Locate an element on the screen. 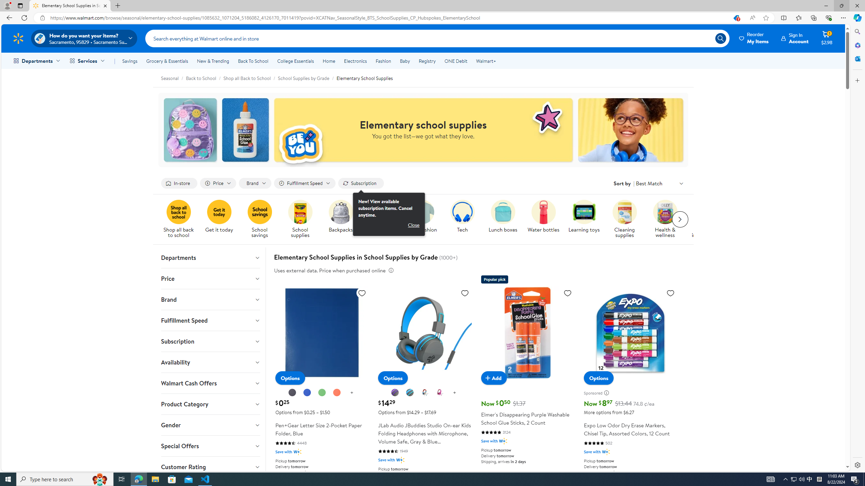  'A pack of Olly multivitamins are on display.' is located at coordinates (665, 212).